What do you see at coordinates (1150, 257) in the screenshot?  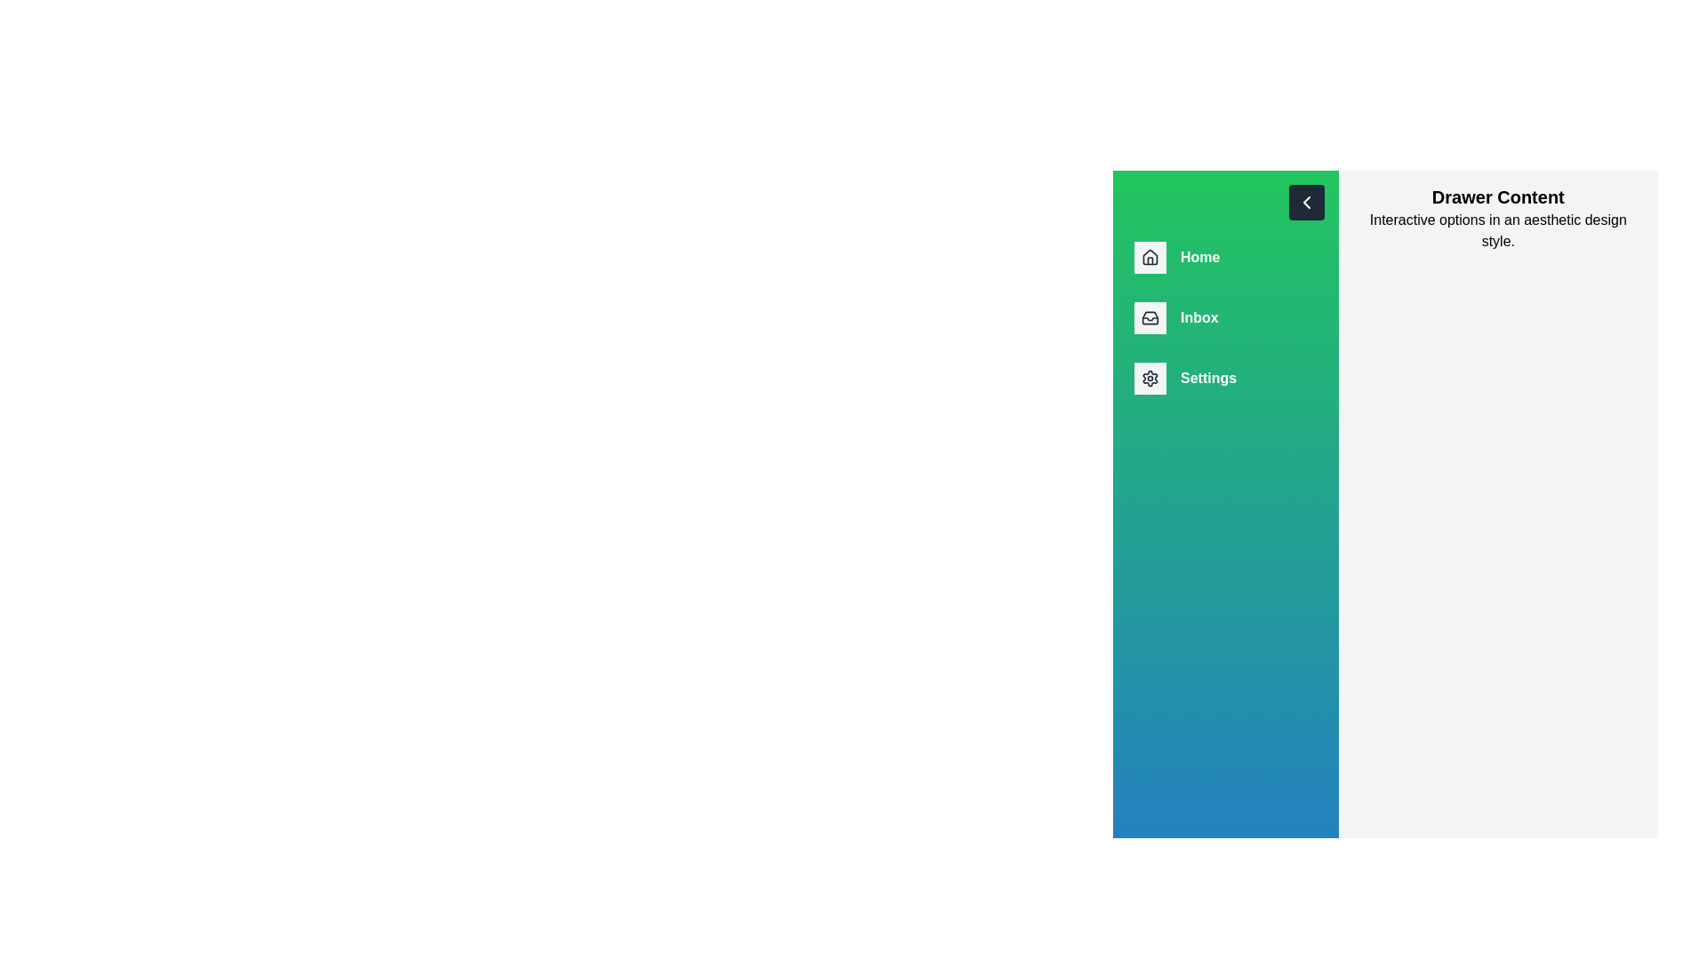 I see `the drawer icon corresponding to Home` at bounding box center [1150, 257].